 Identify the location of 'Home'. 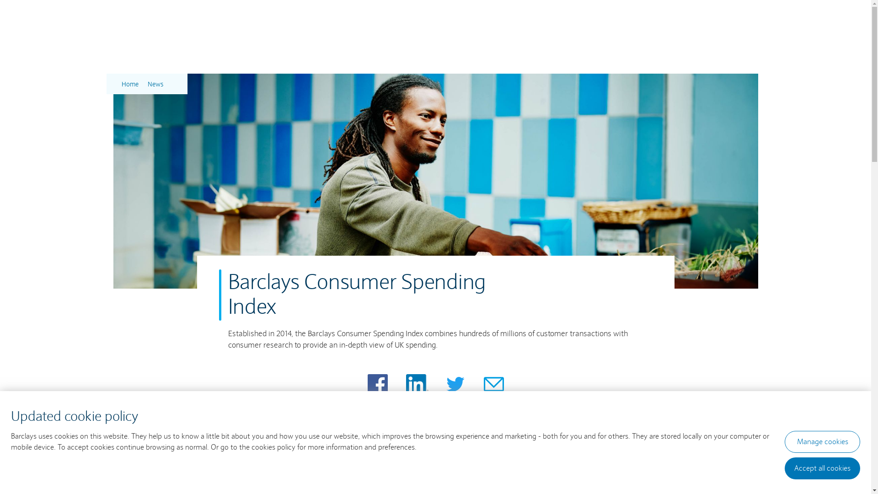
(121, 84).